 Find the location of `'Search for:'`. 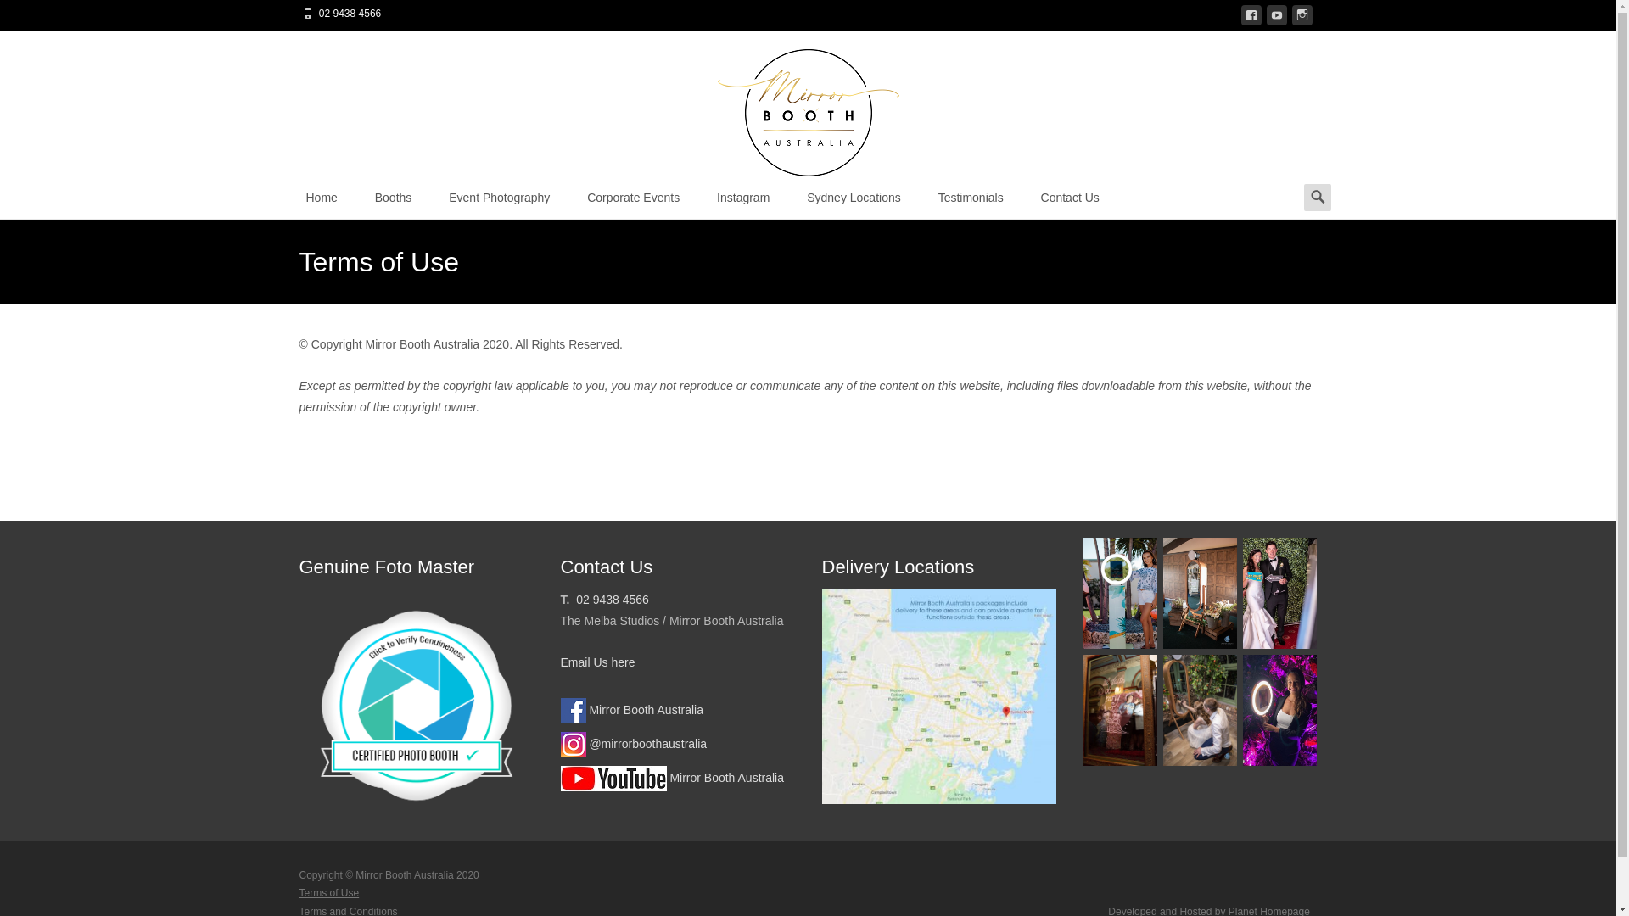

'Search for:' is located at coordinates (1315, 196).